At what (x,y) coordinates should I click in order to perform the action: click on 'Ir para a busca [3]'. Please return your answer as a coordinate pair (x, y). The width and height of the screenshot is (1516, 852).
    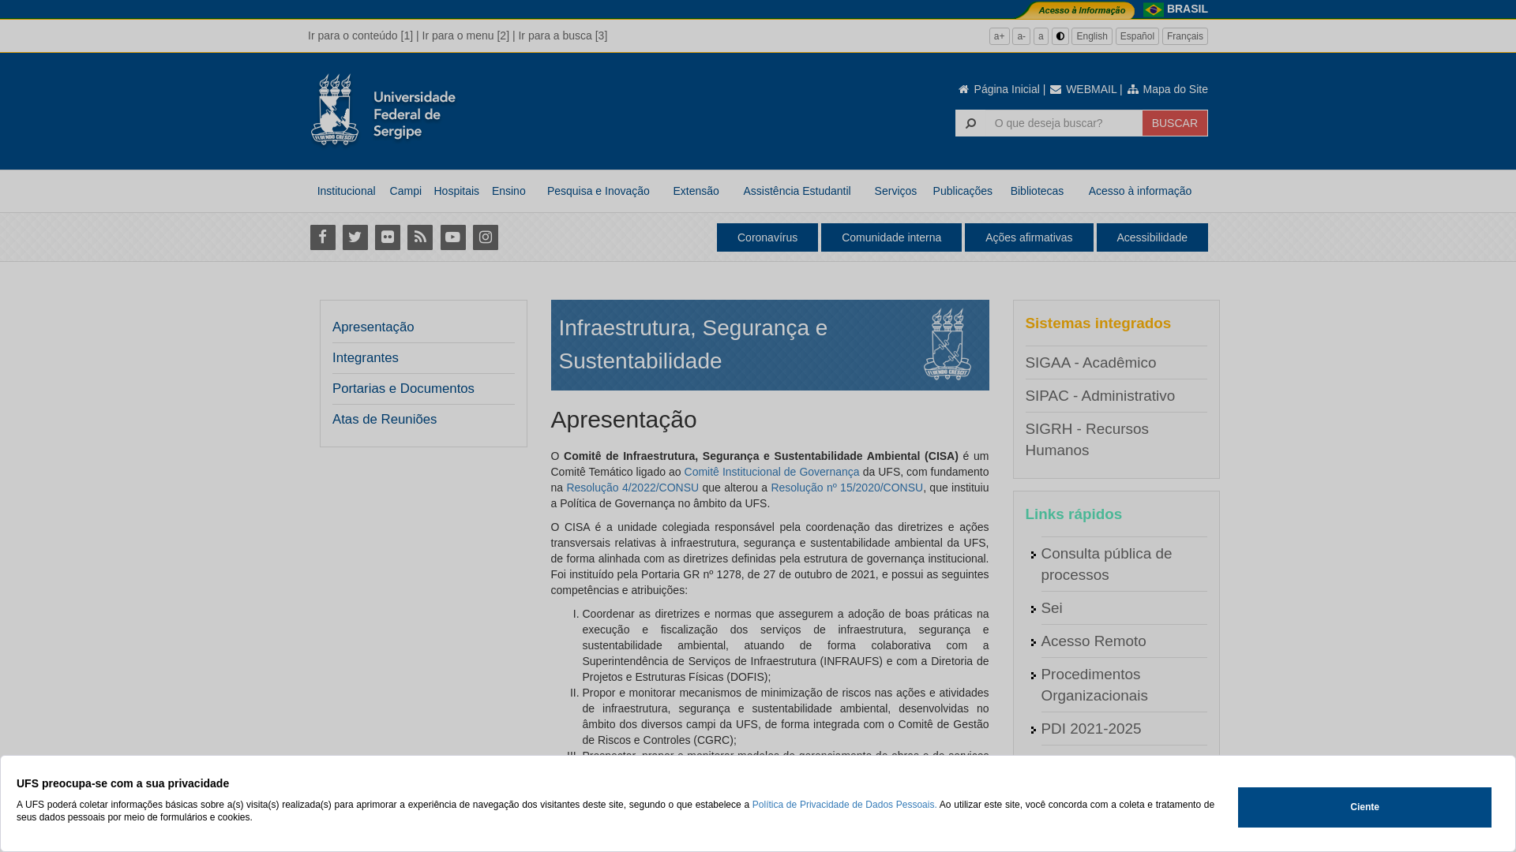
    Looking at the image, I should click on (562, 35).